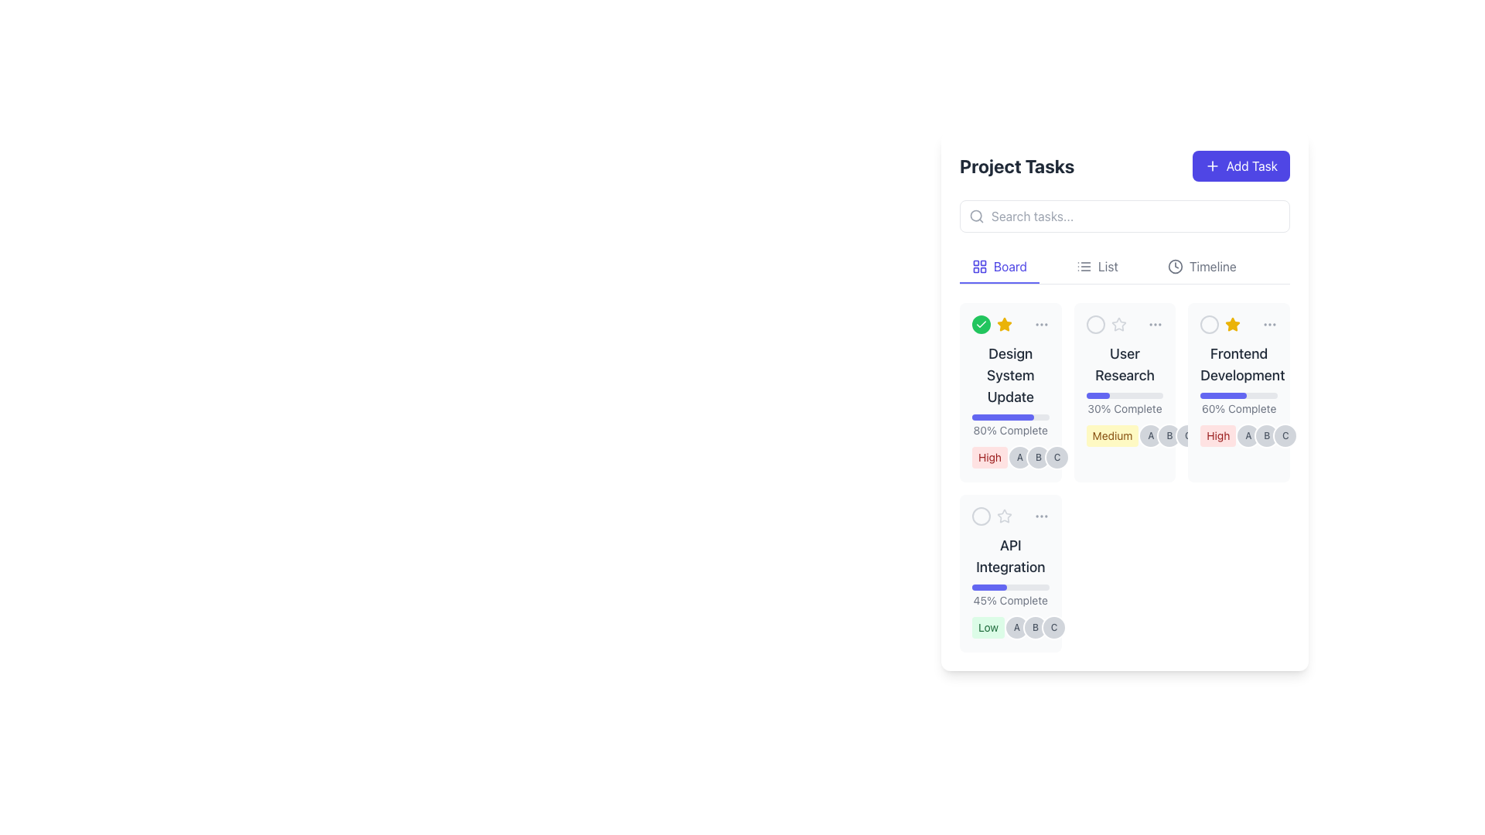  I want to click on the progress, so click(1228, 395).